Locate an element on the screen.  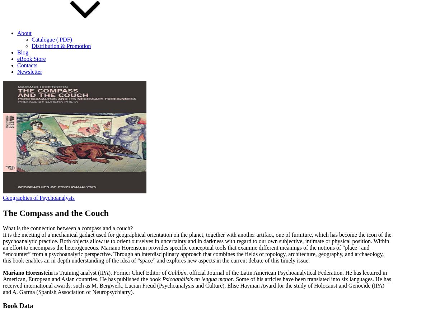
'The Compass and the Couch' is located at coordinates (55, 212).